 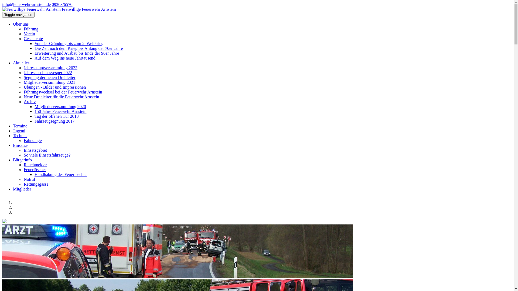 I want to click on 'info@feuerwehr-arnstein.de', so click(x=26, y=4).